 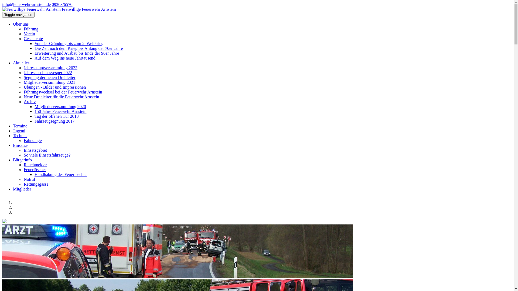 I want to click on 'info@feuerwehr-arnstein.de', so click(x=26, y=4).